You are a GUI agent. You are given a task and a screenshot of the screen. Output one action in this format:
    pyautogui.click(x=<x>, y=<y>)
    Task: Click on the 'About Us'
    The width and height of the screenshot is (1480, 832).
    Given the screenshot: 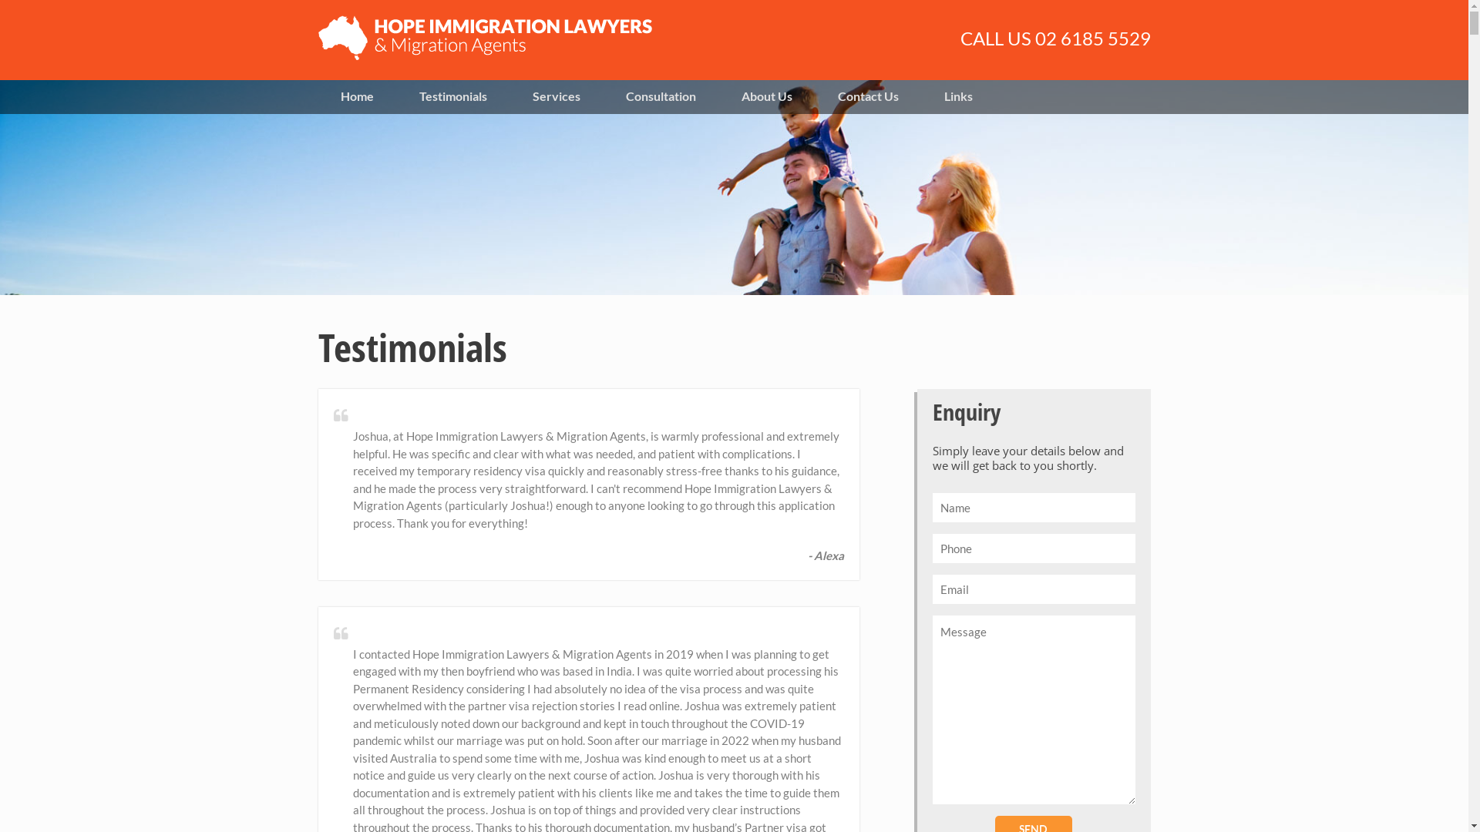 What is the action you would take?
    pyautogui.click(x=717, y=96)
    